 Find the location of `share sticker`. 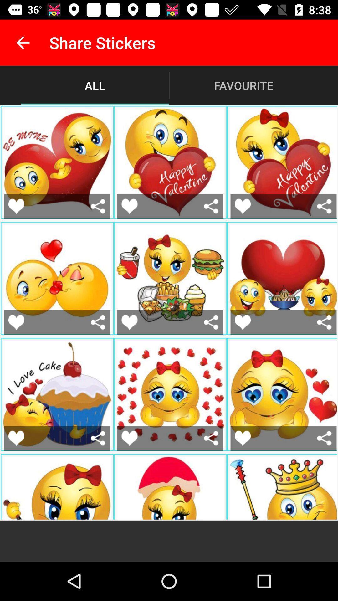

share sticker is located at coordinates (211, 322).